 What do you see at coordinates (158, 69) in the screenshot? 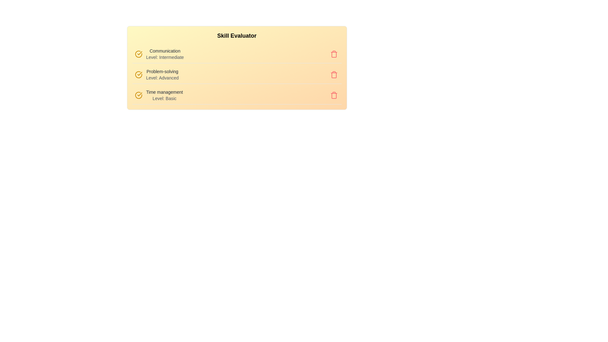
I see `the skill item corresponding to Problem-solving` at bounding box center [158, 69].